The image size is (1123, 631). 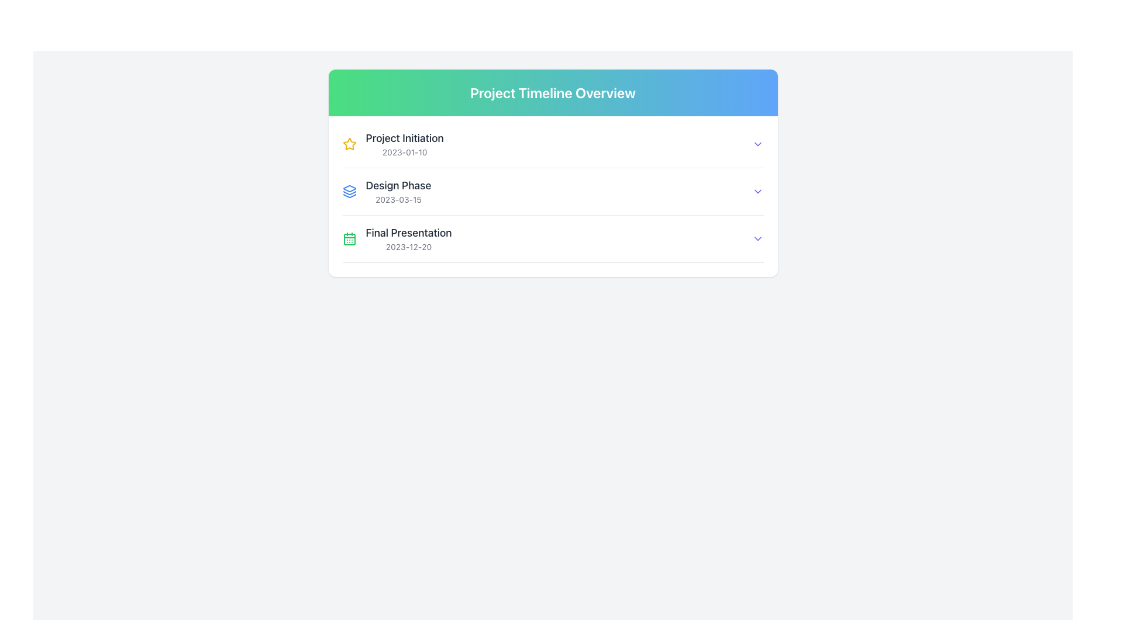 I want to click on the second list item within the timeline structure that displays detailed information about a project phase, located below the 'Project Timeline Overview' title, so click(x=552, y=196).